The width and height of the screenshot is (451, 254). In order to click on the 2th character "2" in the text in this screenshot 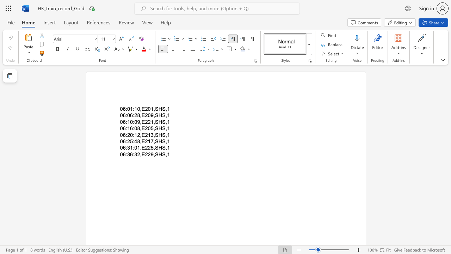, I will do `click(146, 141)`.